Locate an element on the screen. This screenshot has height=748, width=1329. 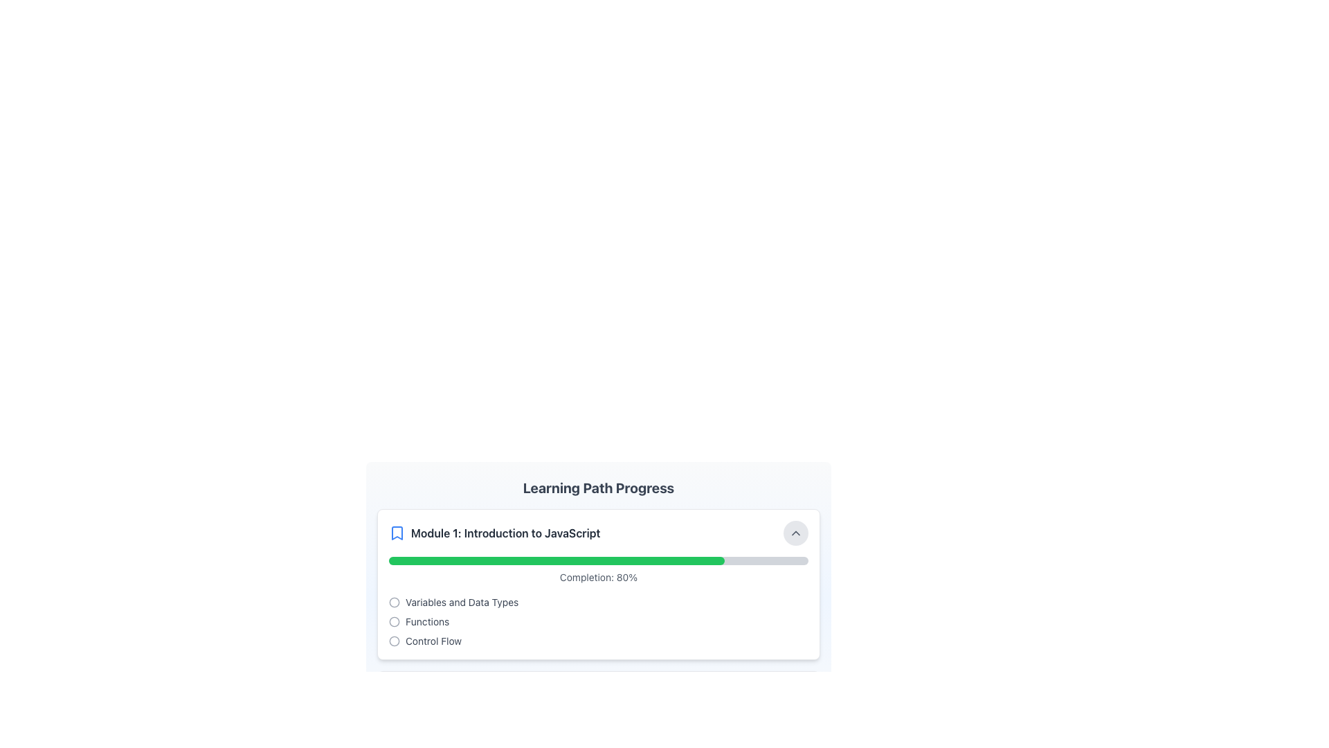
the circle icon on the left side of the 'Functions' label is located at coordinates (394, 621).